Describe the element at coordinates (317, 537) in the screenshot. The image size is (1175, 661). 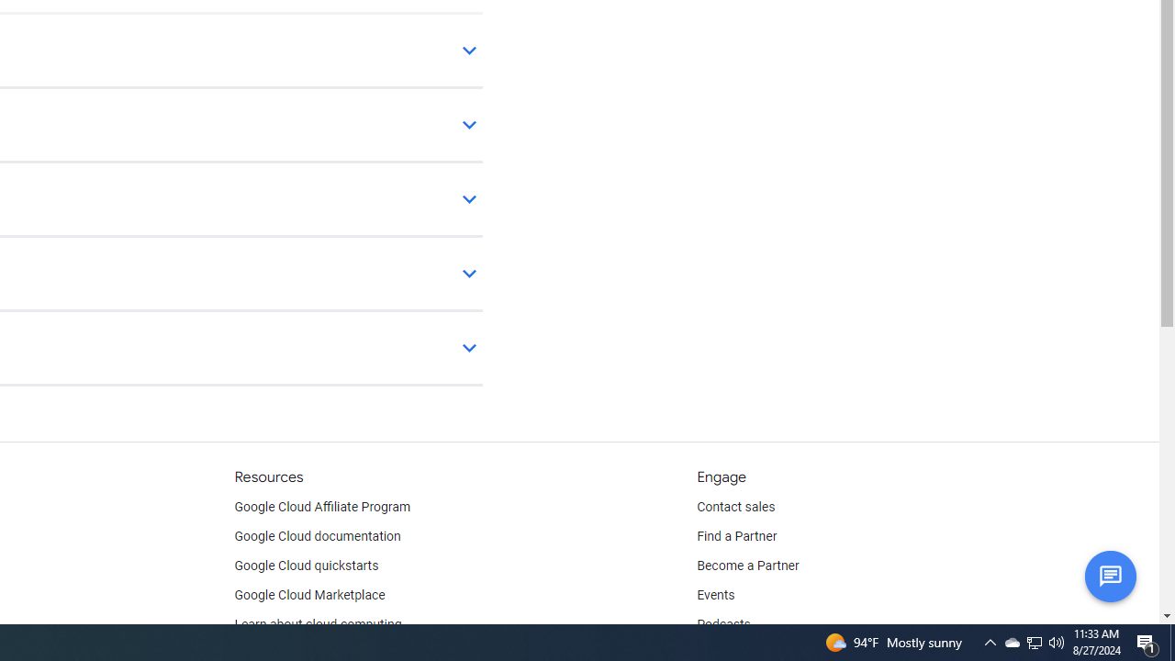
I see `'Google Cloud documentation'` at that location.